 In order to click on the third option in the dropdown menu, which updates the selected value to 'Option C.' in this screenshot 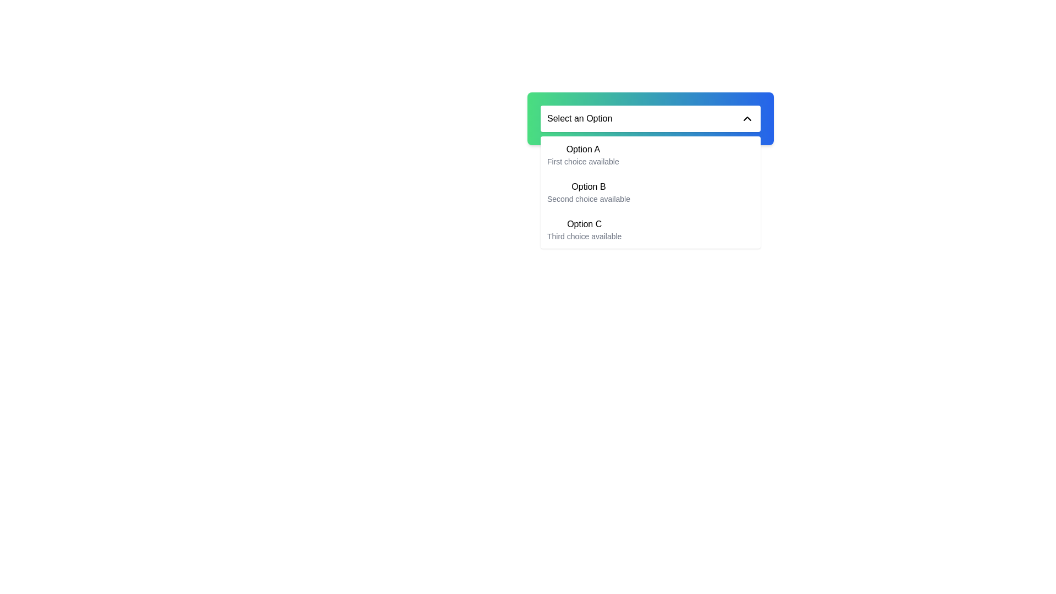, I will do `click(650, 229)`.